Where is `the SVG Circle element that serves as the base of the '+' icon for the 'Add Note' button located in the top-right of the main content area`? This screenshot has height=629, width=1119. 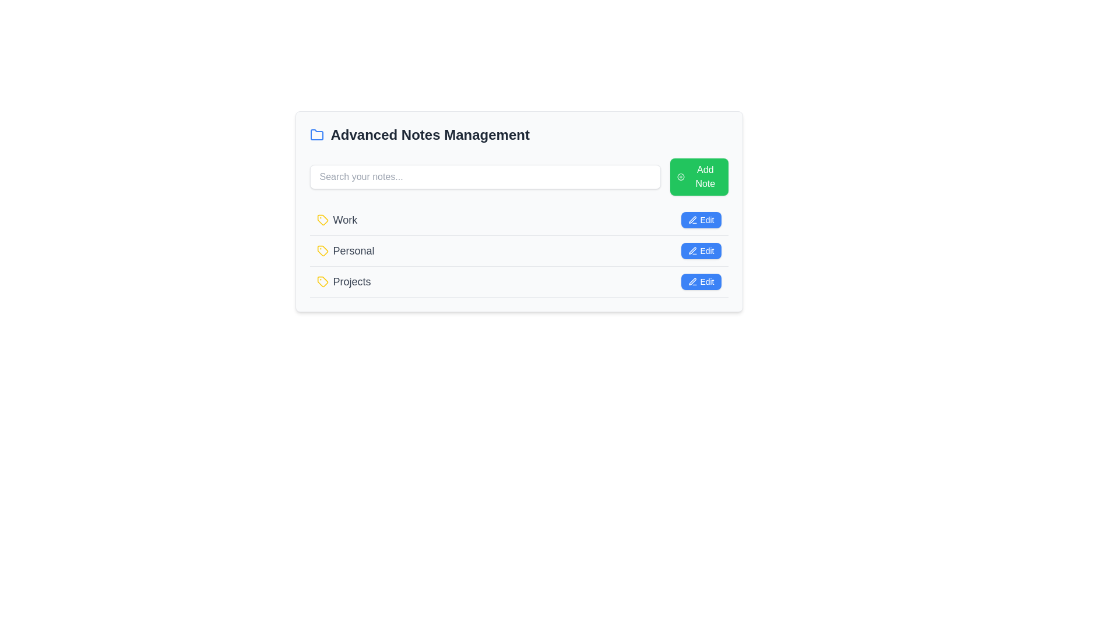
the SVG Circle element that serves as the base of the '+' icon for the 'Add Note' button located in the top-right of the main content area is located at coordinates (681, 177).